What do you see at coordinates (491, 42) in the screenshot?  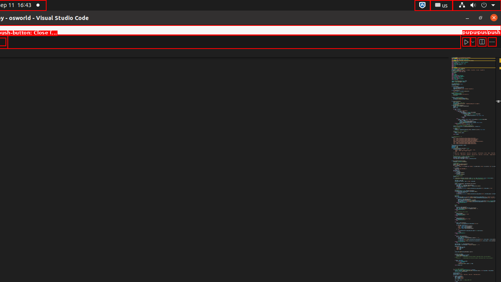 I see `'More Actions...'` at bounding box center [491, 42].